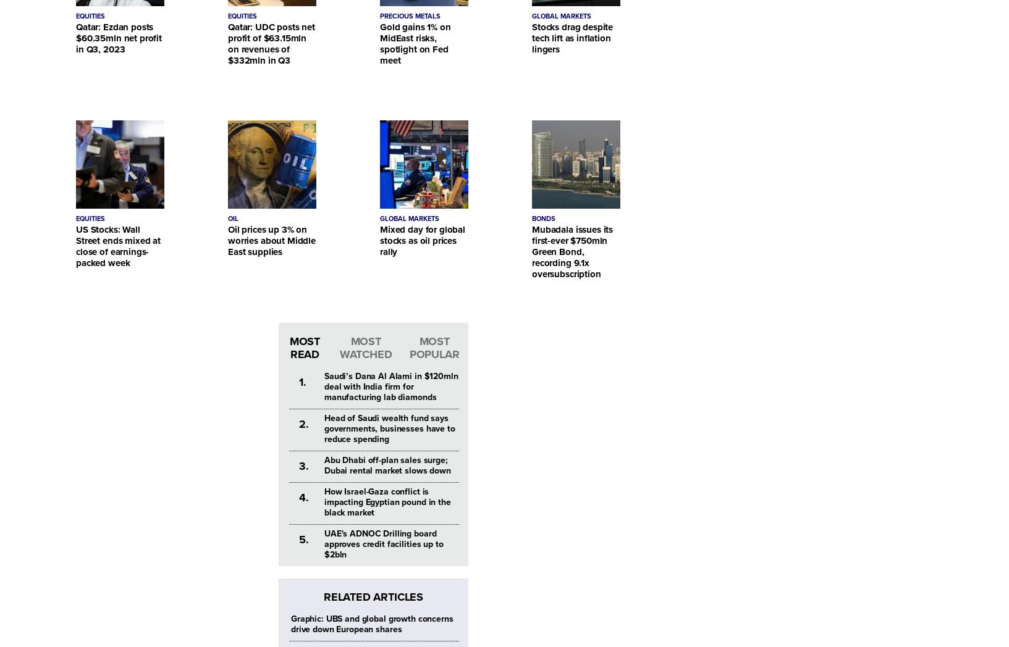  What do you see at coordinates (389, 428) in the screenshot?
I see `'Head of Saudi wealth fund says governments, businesses have to reduce spending'` at bounding box center [389, 428].